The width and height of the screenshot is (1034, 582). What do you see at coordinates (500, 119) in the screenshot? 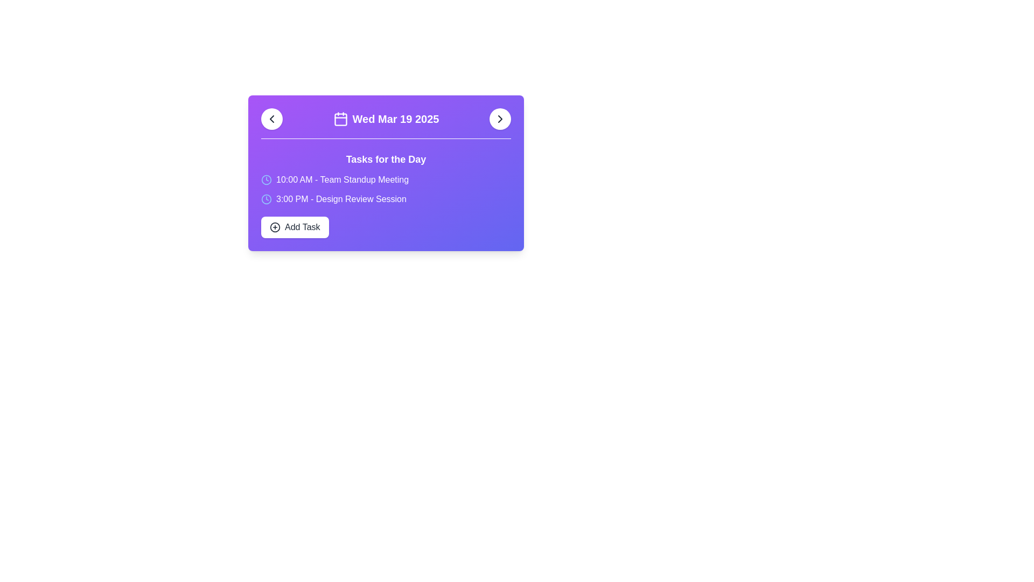
I see `the navigation arrow icon located in the top-right corner of the card-like section within the circular button-like structure` at bounding box center [500, 119].